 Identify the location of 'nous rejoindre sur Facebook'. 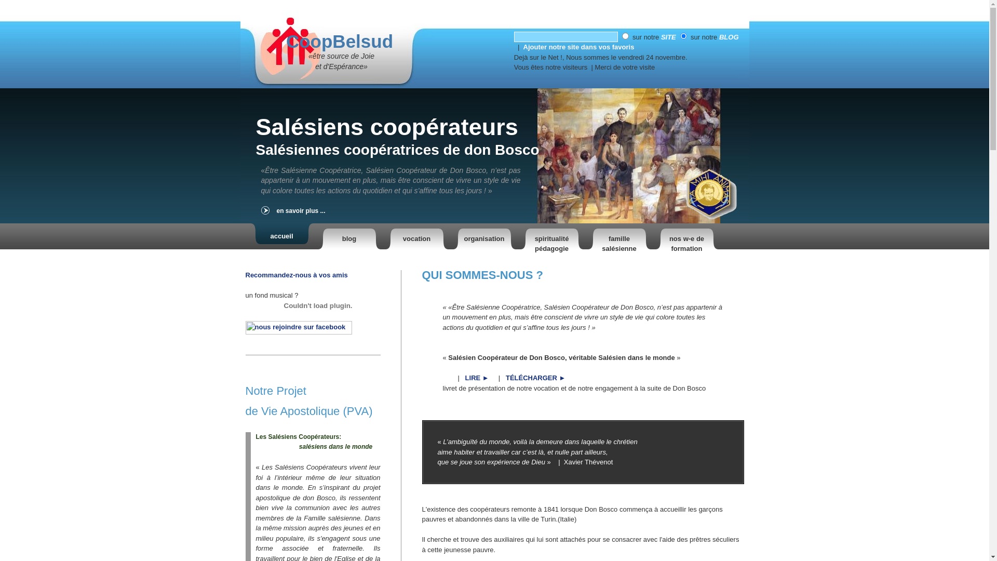
(298, 332).